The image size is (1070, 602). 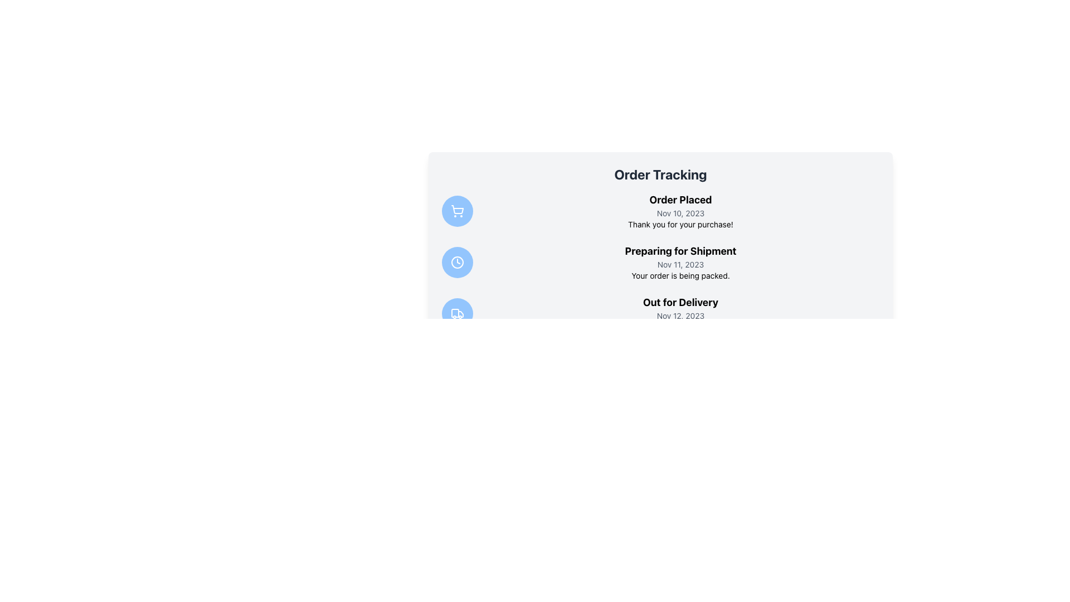 I want to click on the bold text header 'Preparing for Shipment', so click(x=680, y=251).